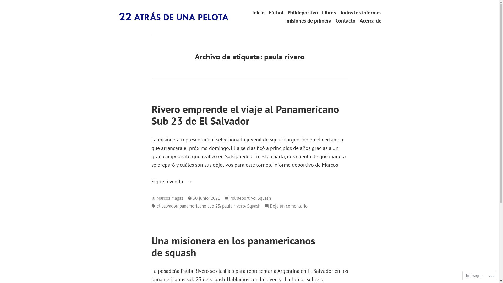 This screenshot has width=503, height=283. What do you see at coordinates (199, 206) in the screenshot?
I see `'panamericano sub 23'` at bounding box center [199, 206].